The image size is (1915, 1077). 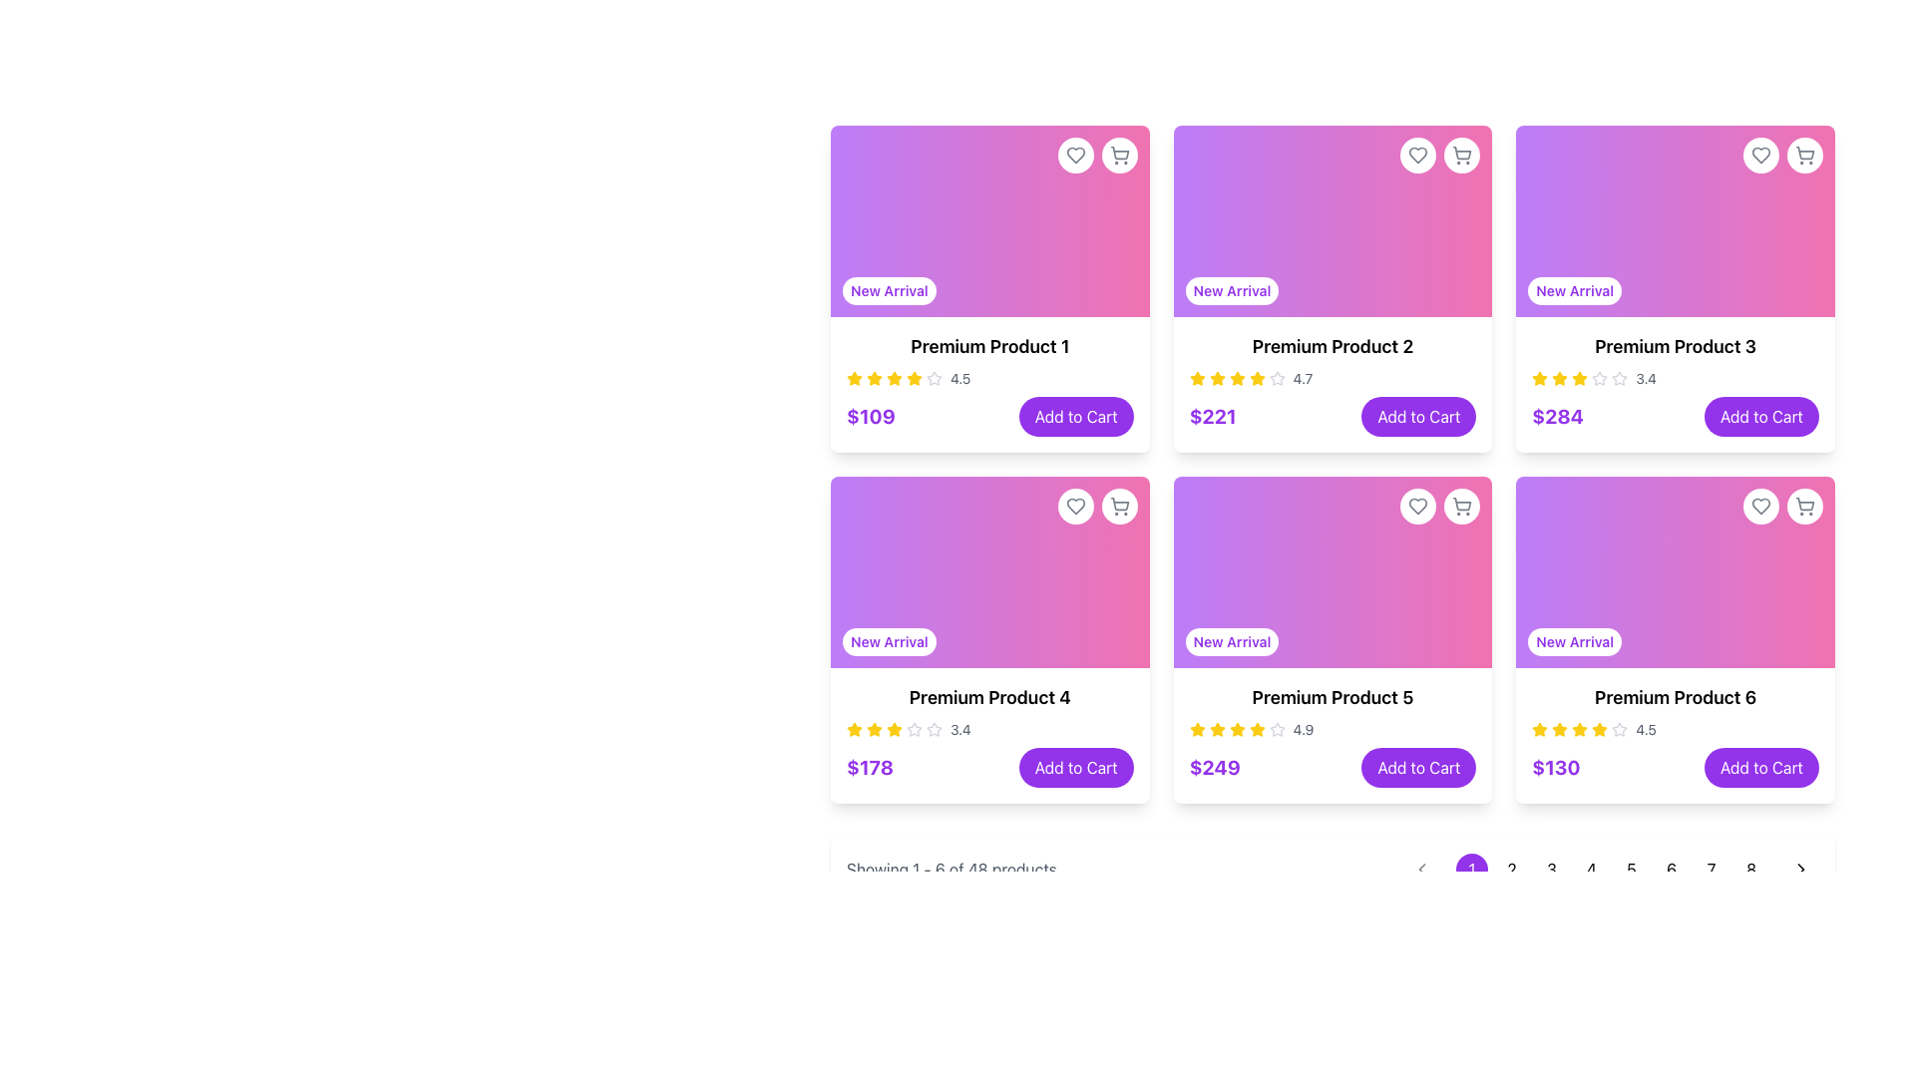 What do you see at coordinates (1333, 345) in the screenshot?
I see `the 'Premium Product 2' text label` at bounding box center [1333, 345].